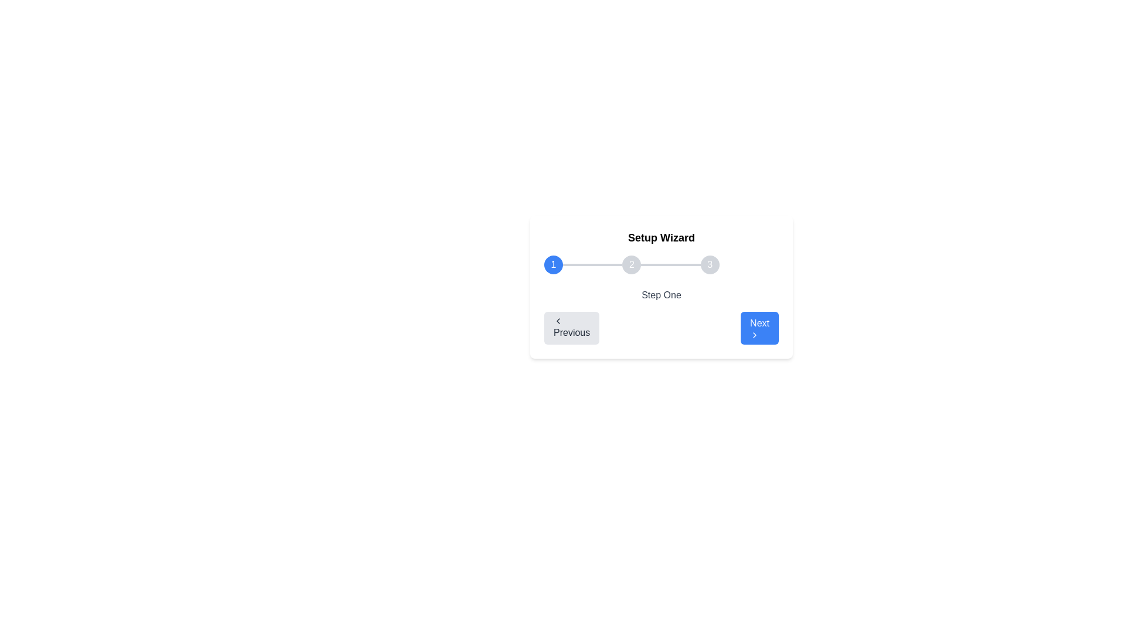 The image size is (1126, 633). I want to click on the third step indicator in the horizontal stepper, so click(739, 264).